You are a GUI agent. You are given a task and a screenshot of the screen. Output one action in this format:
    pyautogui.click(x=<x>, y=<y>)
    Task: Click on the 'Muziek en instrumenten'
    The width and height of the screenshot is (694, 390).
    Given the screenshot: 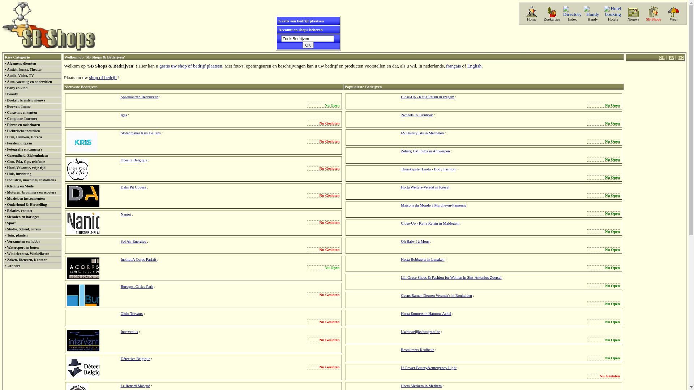 What is the action you would take?
    pyautogui.click(x=26, y=198)
    